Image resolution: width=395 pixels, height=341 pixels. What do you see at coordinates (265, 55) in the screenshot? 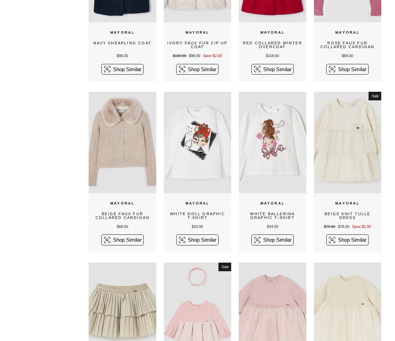
I see `'$118.00'` at bounding box center [265, 55].